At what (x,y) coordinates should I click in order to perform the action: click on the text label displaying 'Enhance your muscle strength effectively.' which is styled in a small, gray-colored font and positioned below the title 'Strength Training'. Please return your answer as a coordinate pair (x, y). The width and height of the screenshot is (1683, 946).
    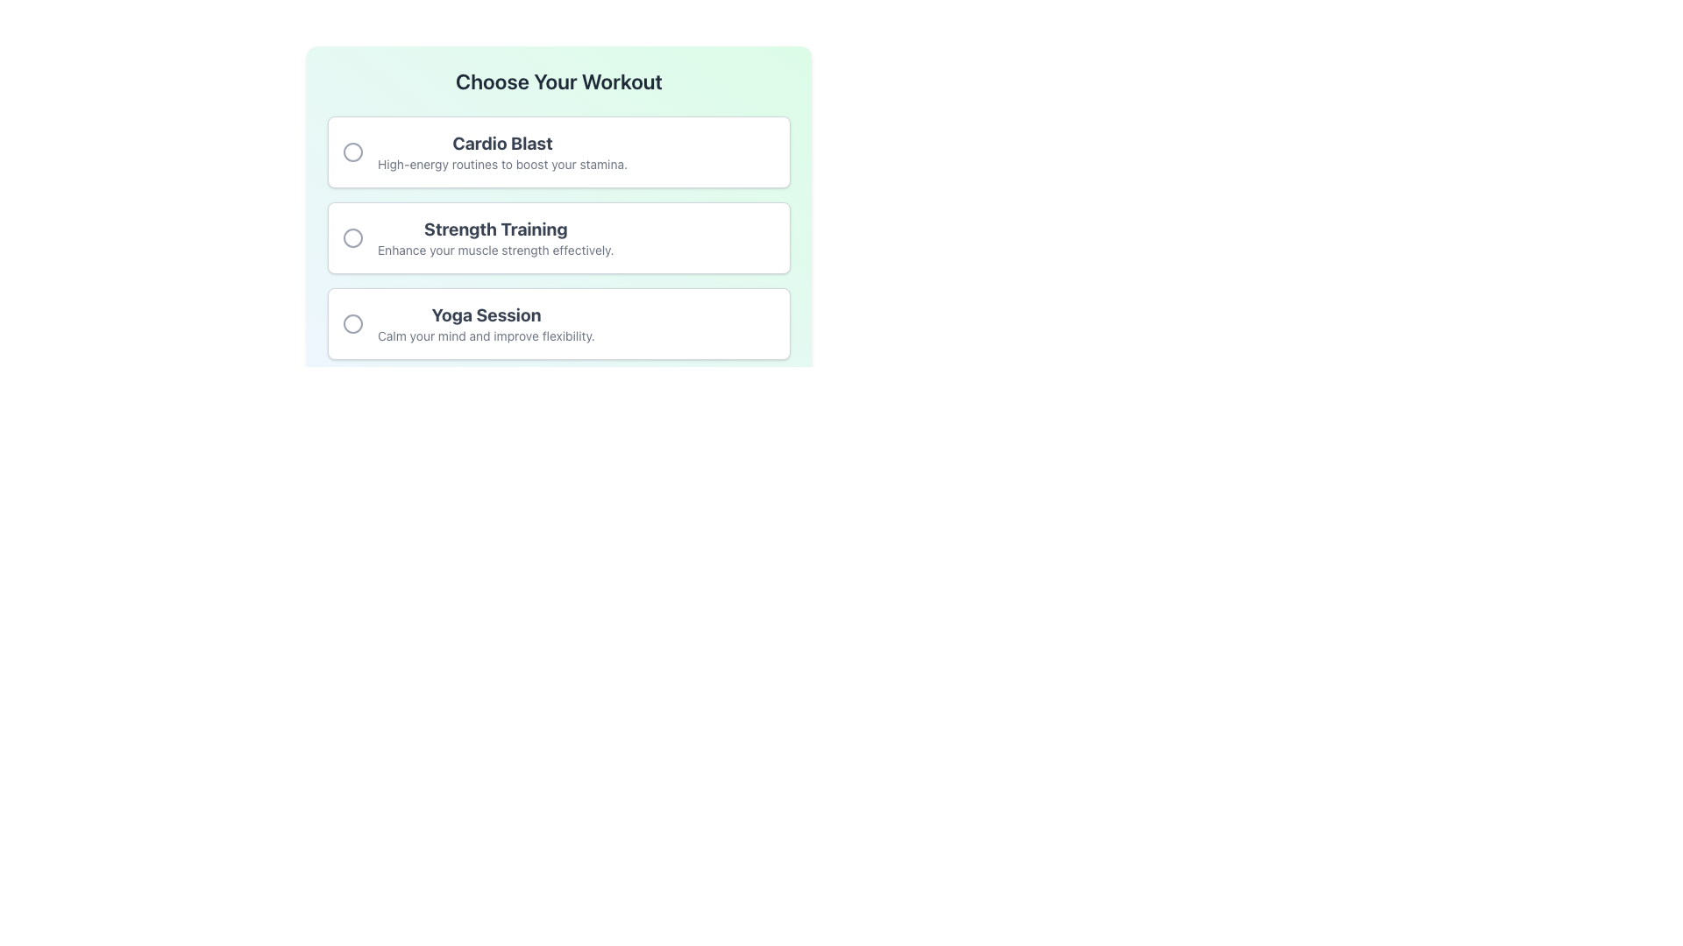
    Looking at the image, I should click on (494, 250).